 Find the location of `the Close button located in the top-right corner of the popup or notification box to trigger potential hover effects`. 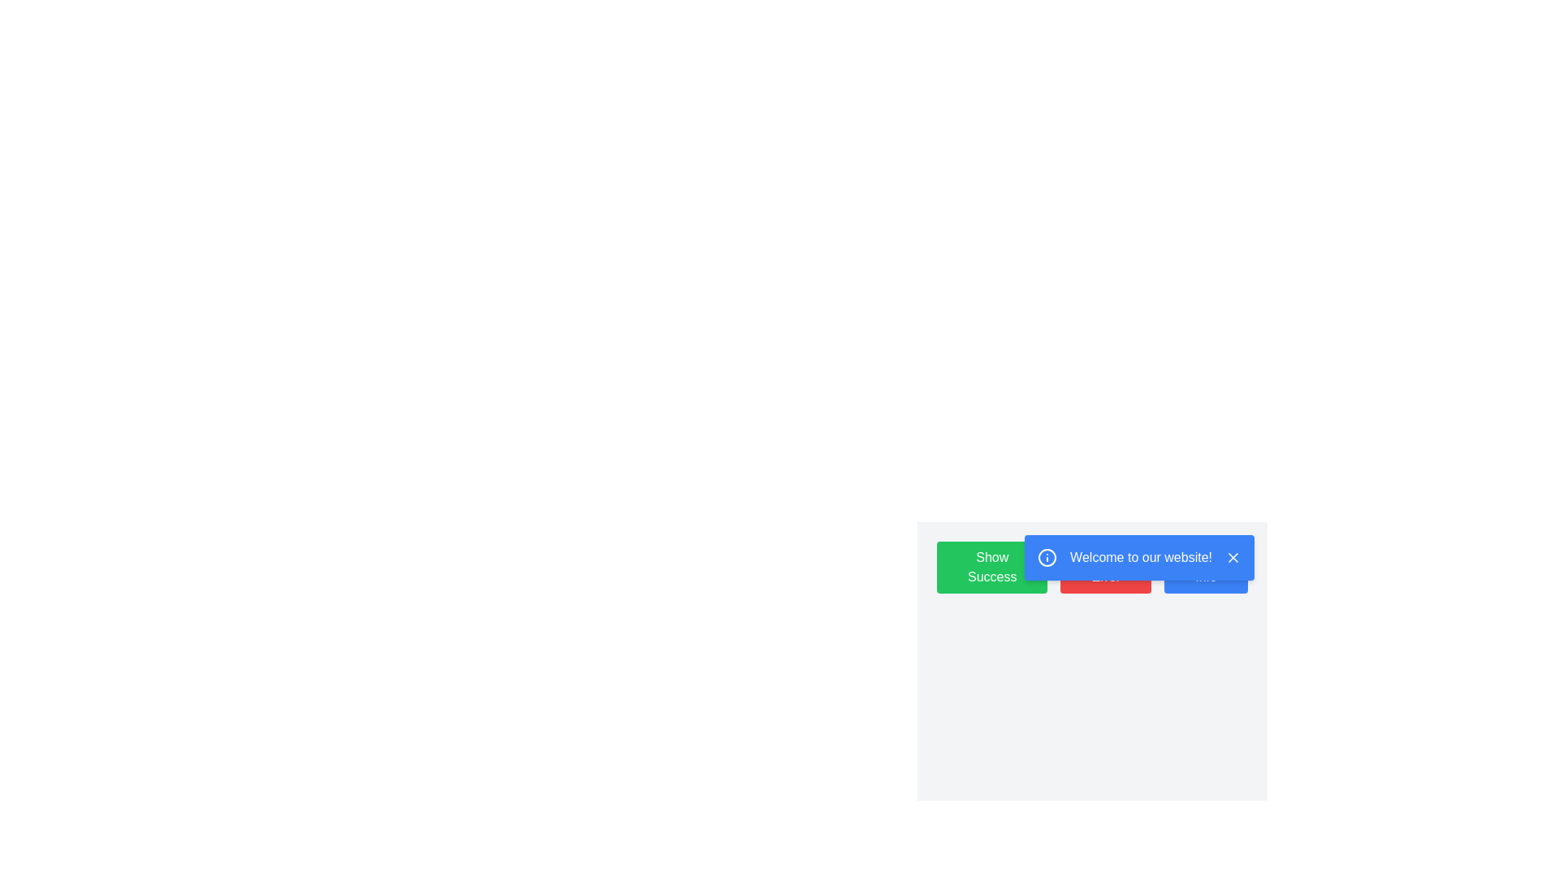

the Close button located in the top-right corner of the popup or notification box to trigger potential hover effects is located at coordinates (1233, 556).